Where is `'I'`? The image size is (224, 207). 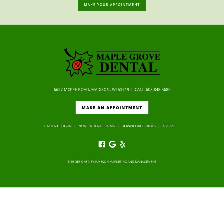 'I' is located at coordinates (132, 89).